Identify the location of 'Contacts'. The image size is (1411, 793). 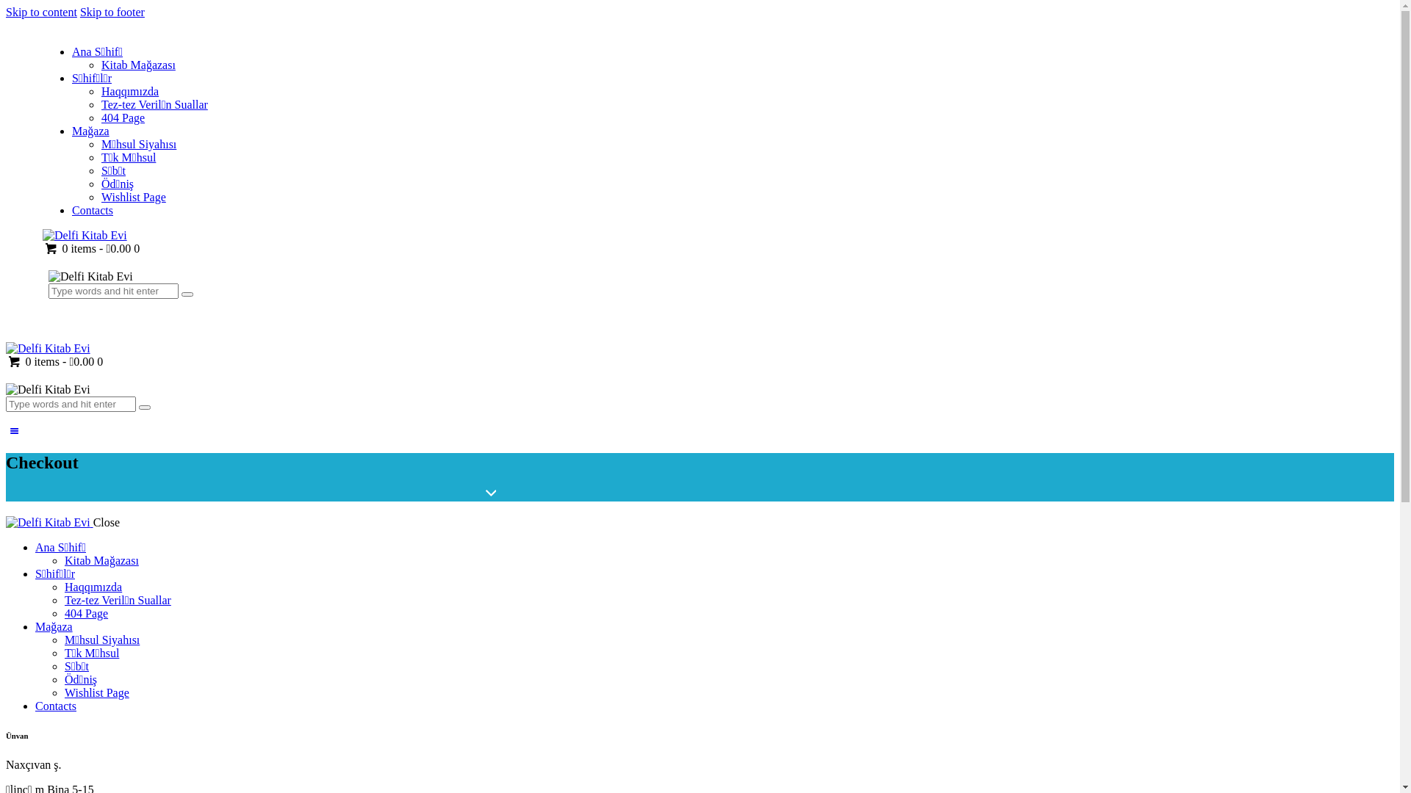
(56, 705).